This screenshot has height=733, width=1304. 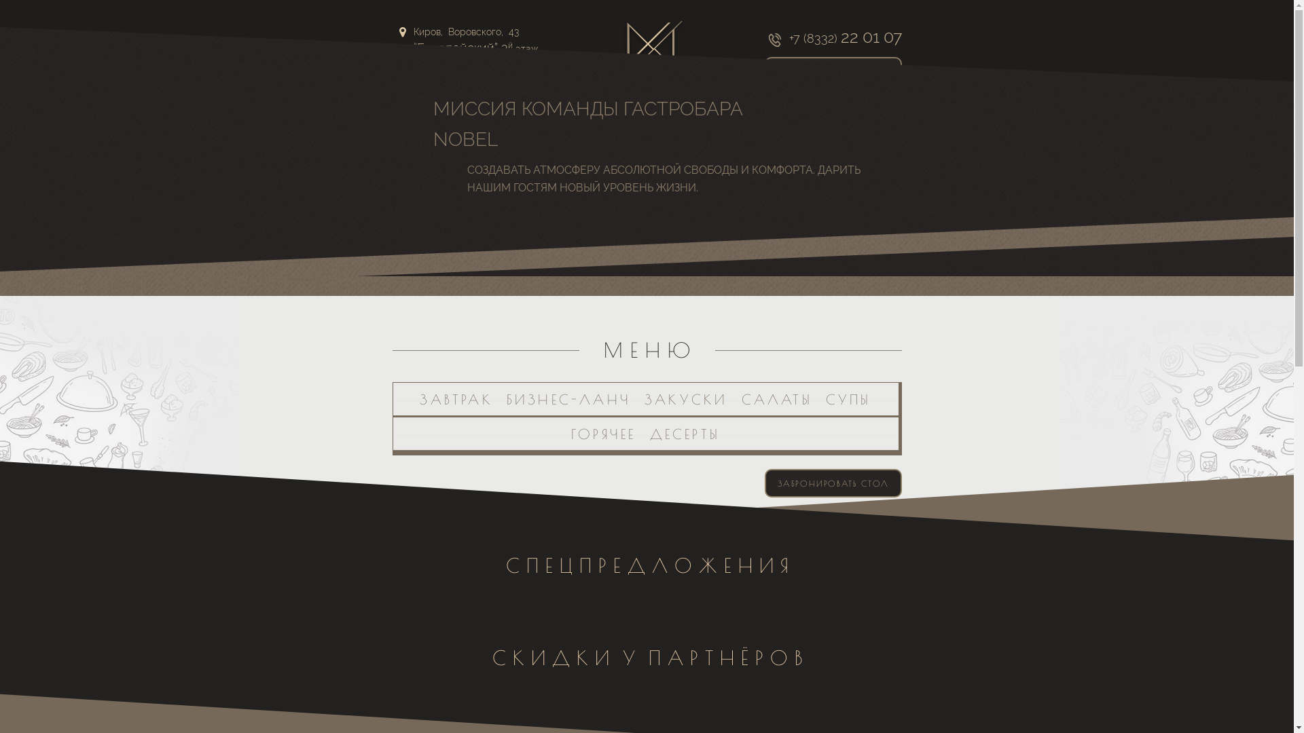 What do you see at coordinates (833, 39) in the screenshot?
I see `'+7 (8332) 22 01 07'` at bounding box center [833, 39].